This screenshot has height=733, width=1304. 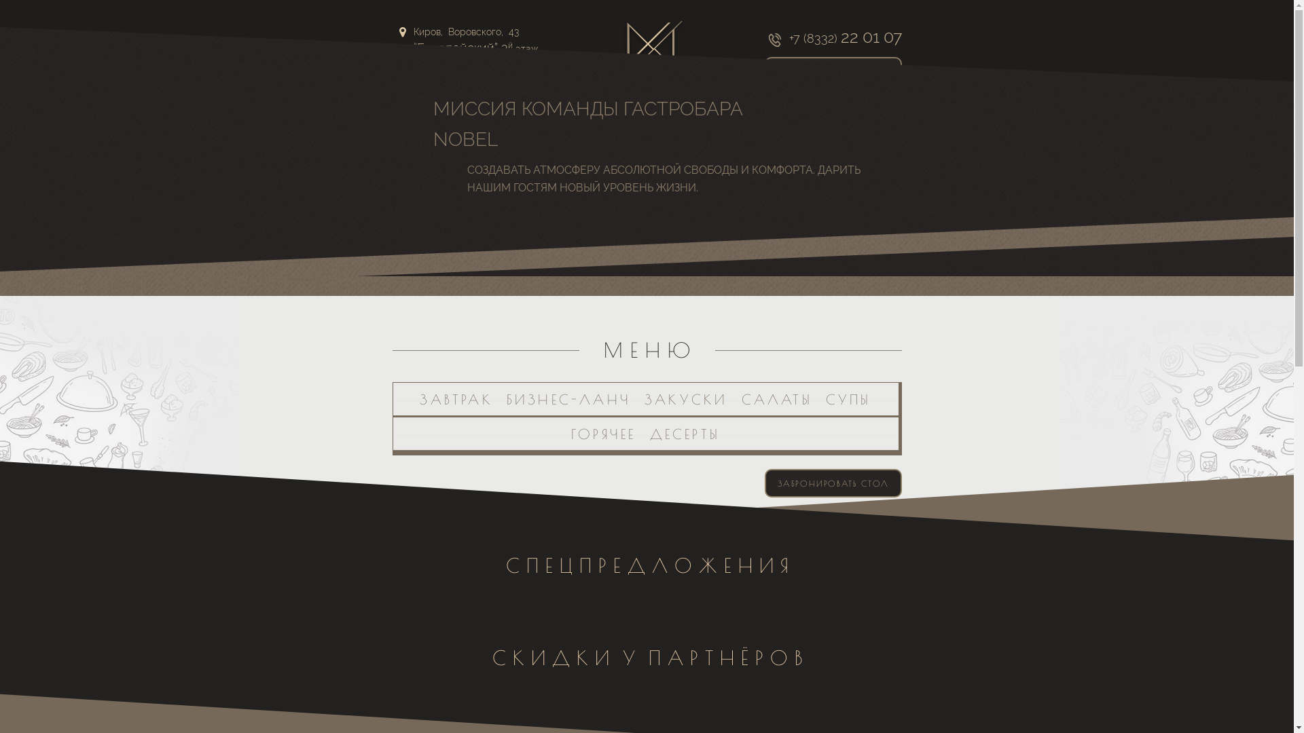 What do you see at coordinates (833, 39) in the screenshot?
I see `'+7 (8332) 22 01 07'` at bounding box center [833, 39].